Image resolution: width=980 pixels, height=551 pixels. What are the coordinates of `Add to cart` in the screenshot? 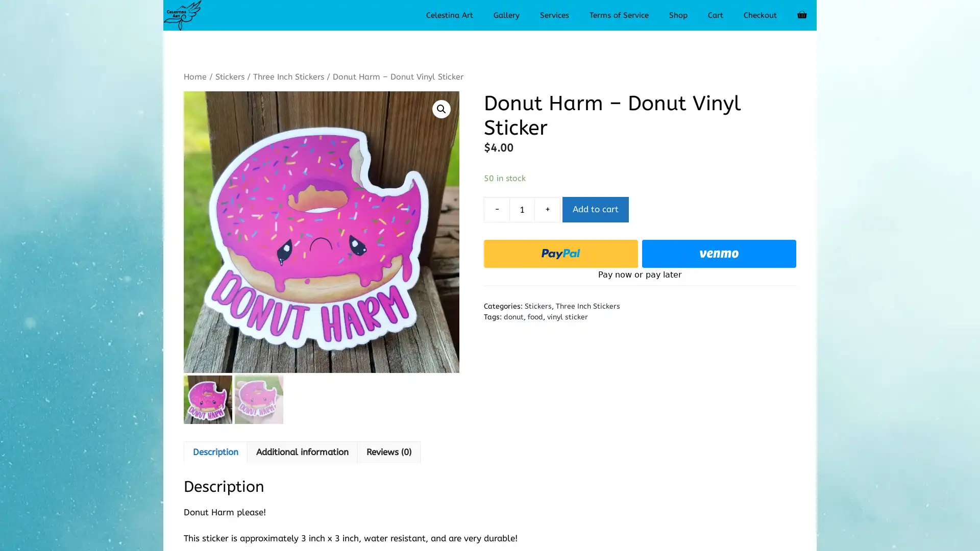 It's located at (595, 208).